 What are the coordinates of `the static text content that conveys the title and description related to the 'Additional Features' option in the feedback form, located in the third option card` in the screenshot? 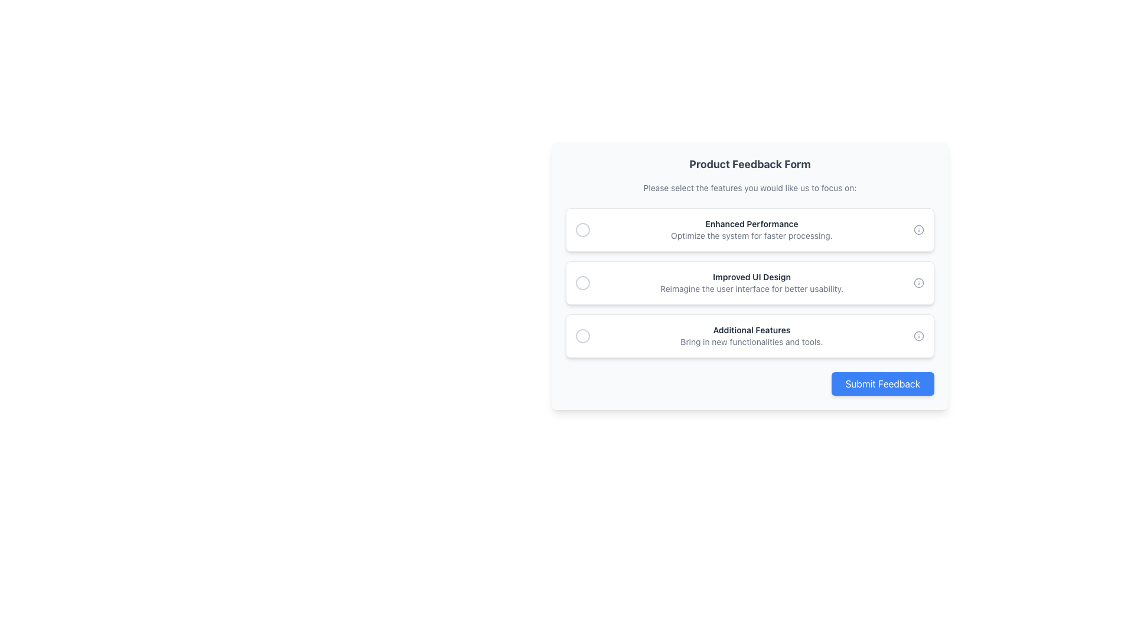 It's located at (751, 336).